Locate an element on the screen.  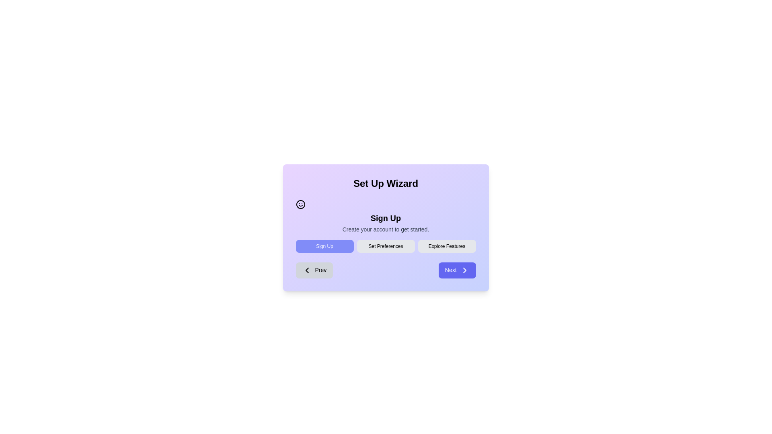
text label 'Sign Up' displayed in a small font size, styled with a white color on a purple background, located at the center of the button element positioned towards the center of the page is located at coordinates (324, 246).